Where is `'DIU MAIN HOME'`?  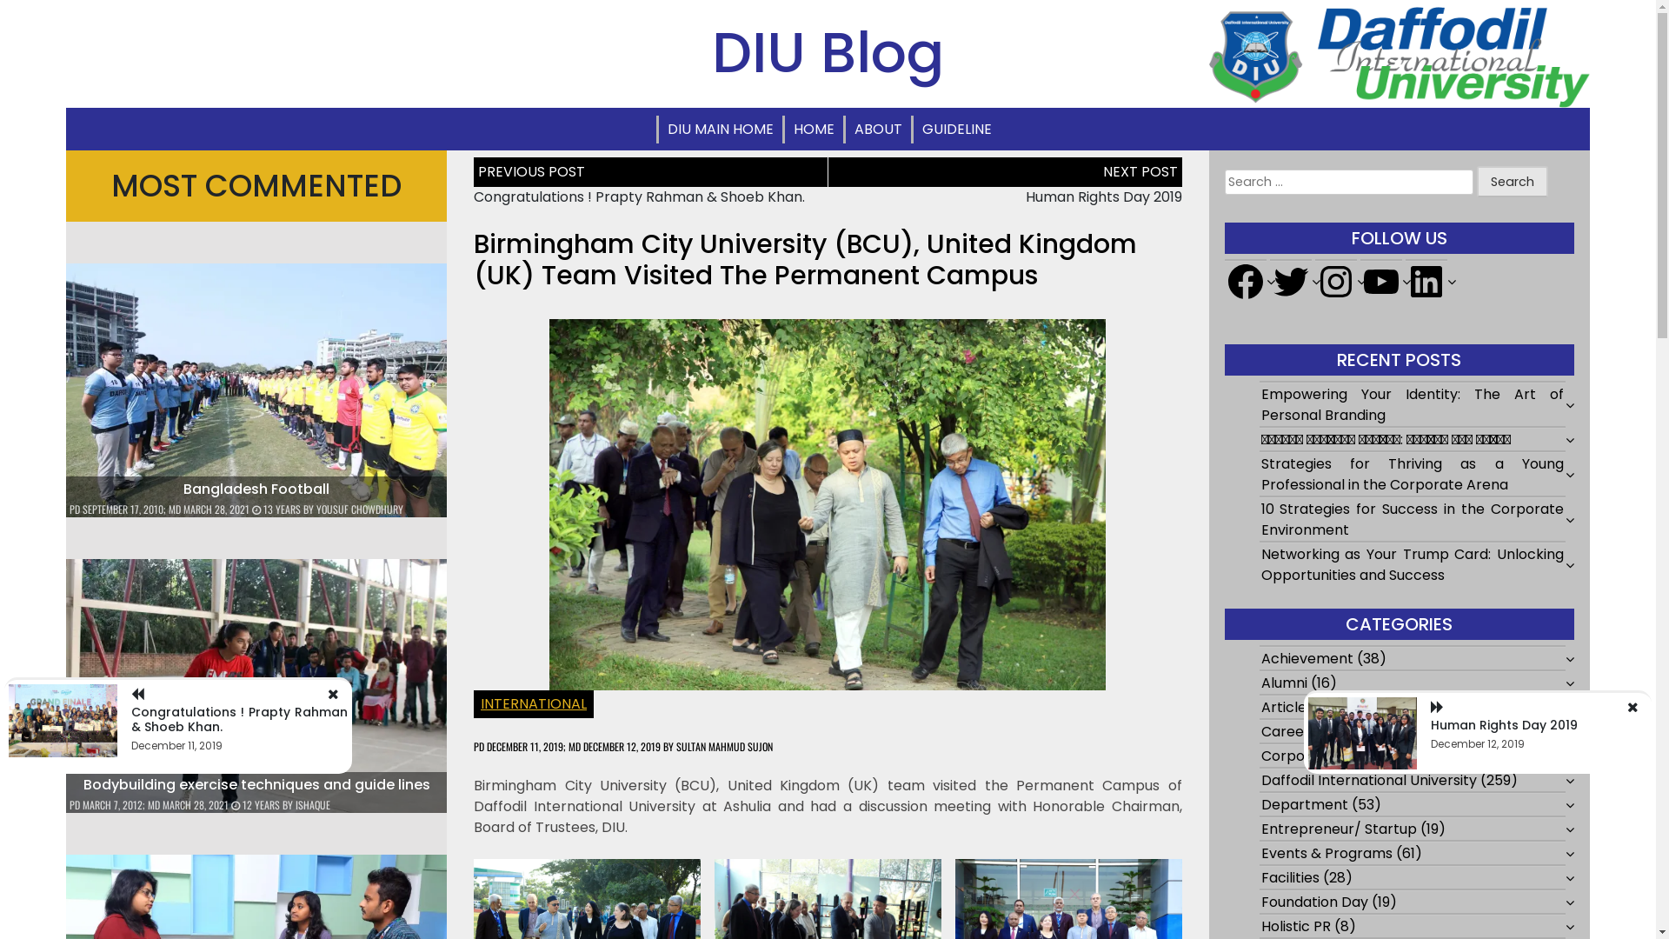
'DIU MAIN HOME' is located at coordinates (721, 129).